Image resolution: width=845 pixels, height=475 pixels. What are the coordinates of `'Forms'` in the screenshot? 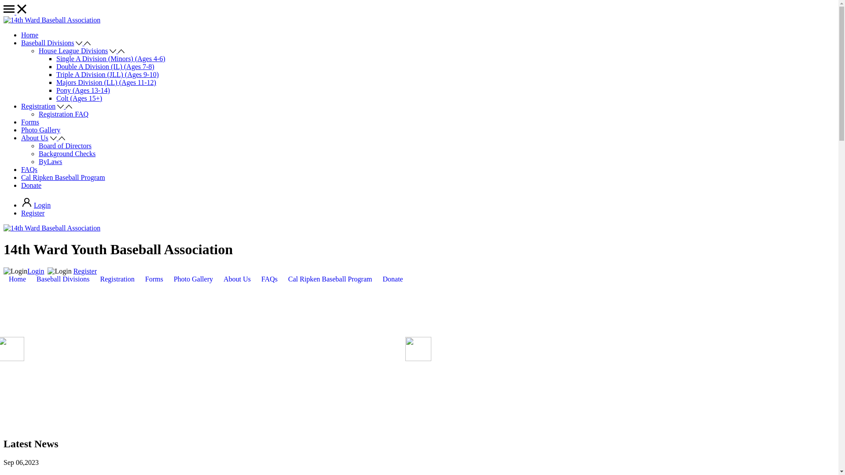 It's located at (139, 279).